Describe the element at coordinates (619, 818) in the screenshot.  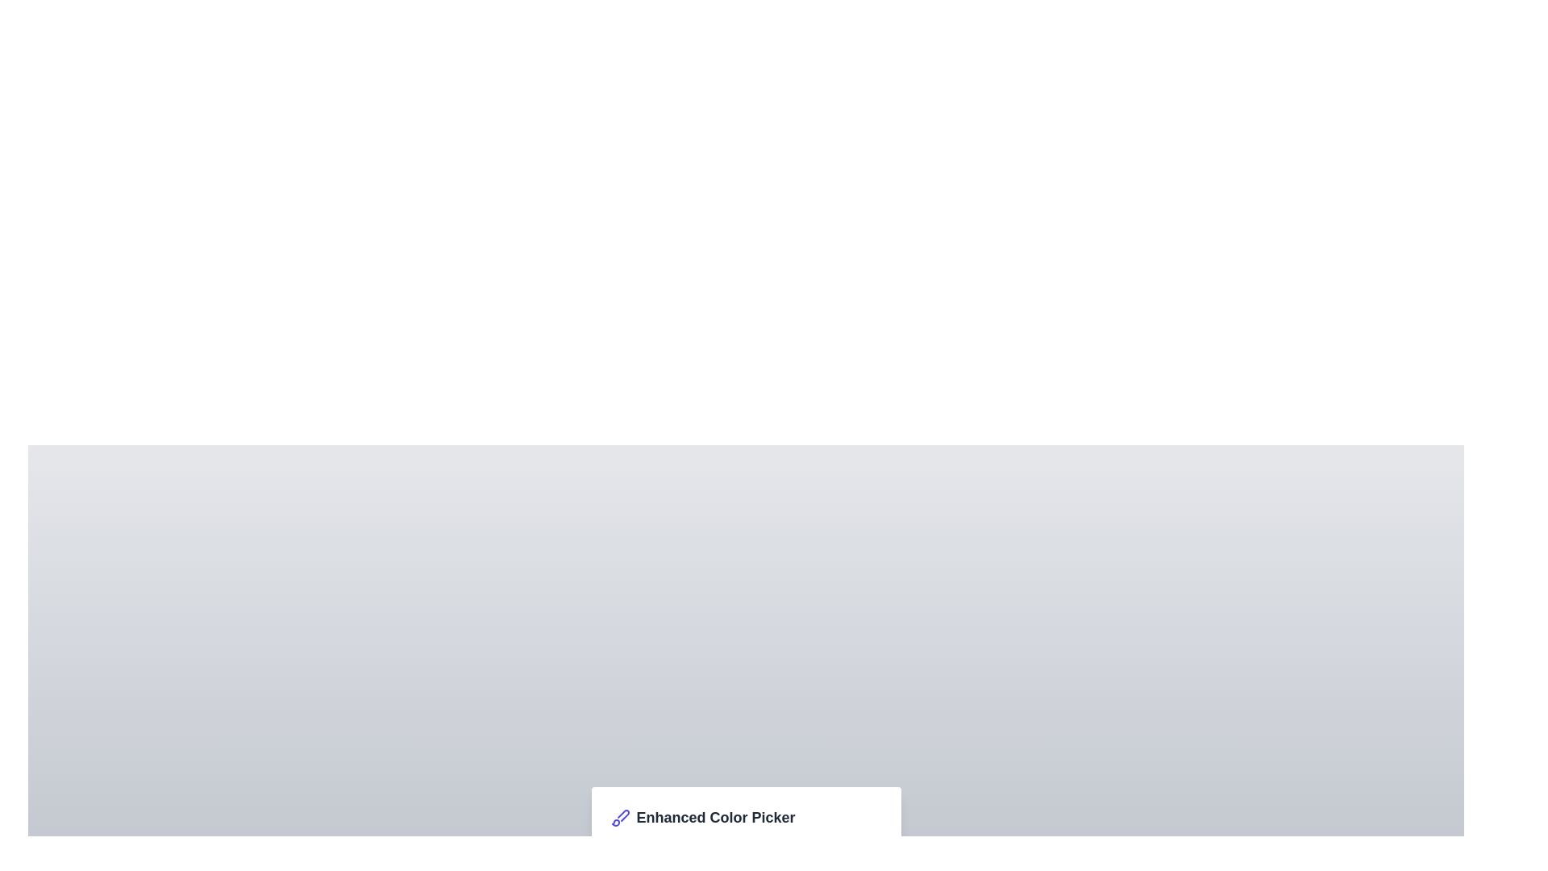
I see `the indigo brush-shaped icon located to the left of the 'Enhanced Color Picker' text` at that location.